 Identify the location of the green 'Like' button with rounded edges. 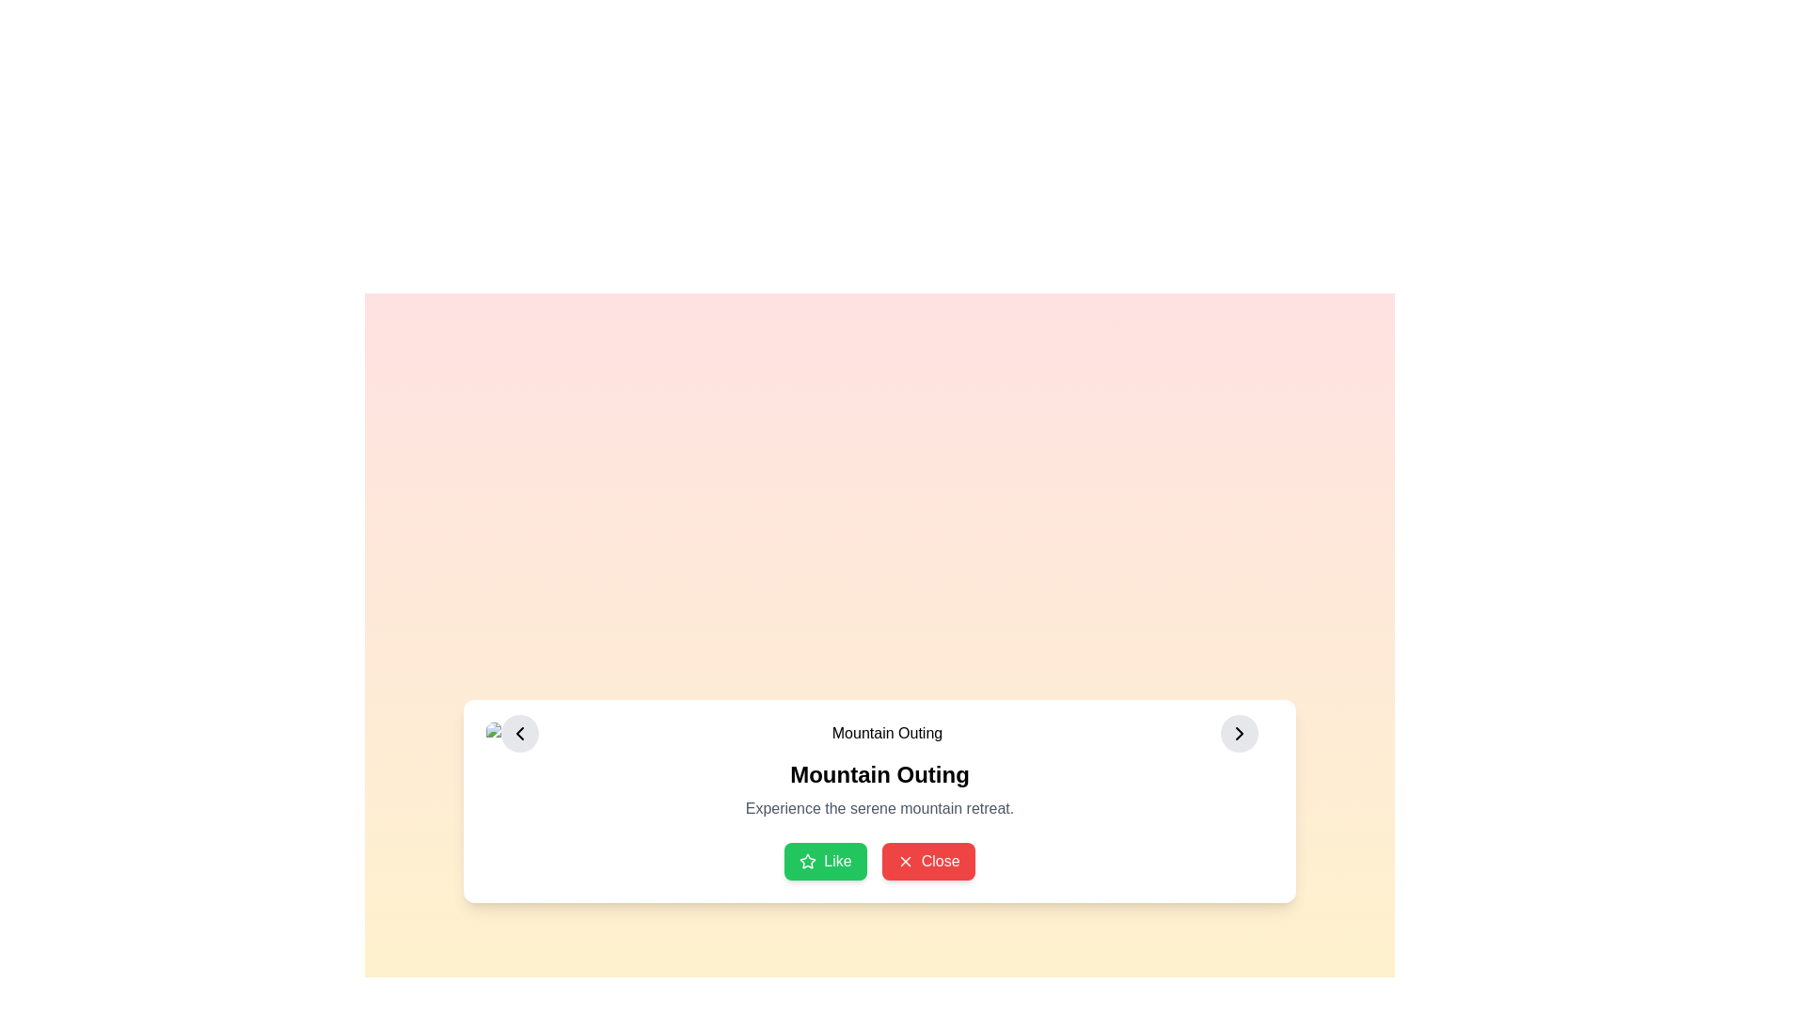
(826, 861).